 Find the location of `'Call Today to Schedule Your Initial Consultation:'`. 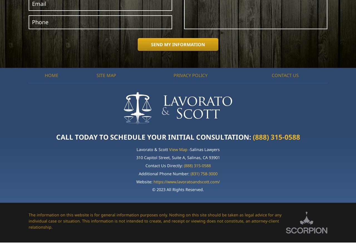

'Call Today to Schedule Your Initial Consultation:' is located at coordinates (154, 136).